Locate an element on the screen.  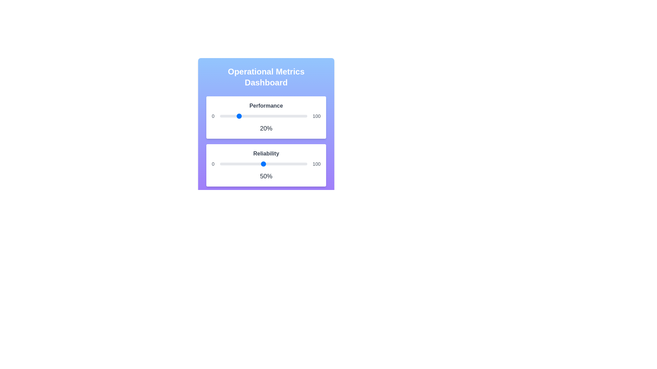
the reliability value is located at coordinates (267, 164).